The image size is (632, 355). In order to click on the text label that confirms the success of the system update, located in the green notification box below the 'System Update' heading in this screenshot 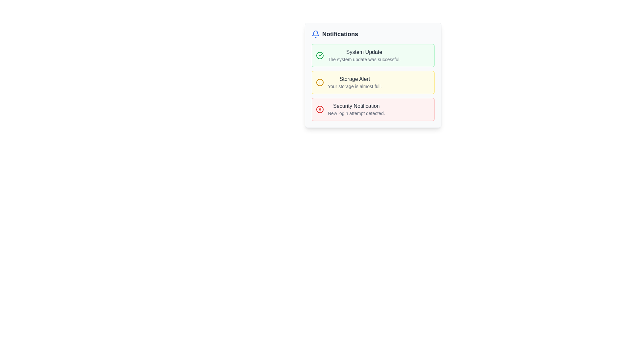, I will do `click(364, 59)`.